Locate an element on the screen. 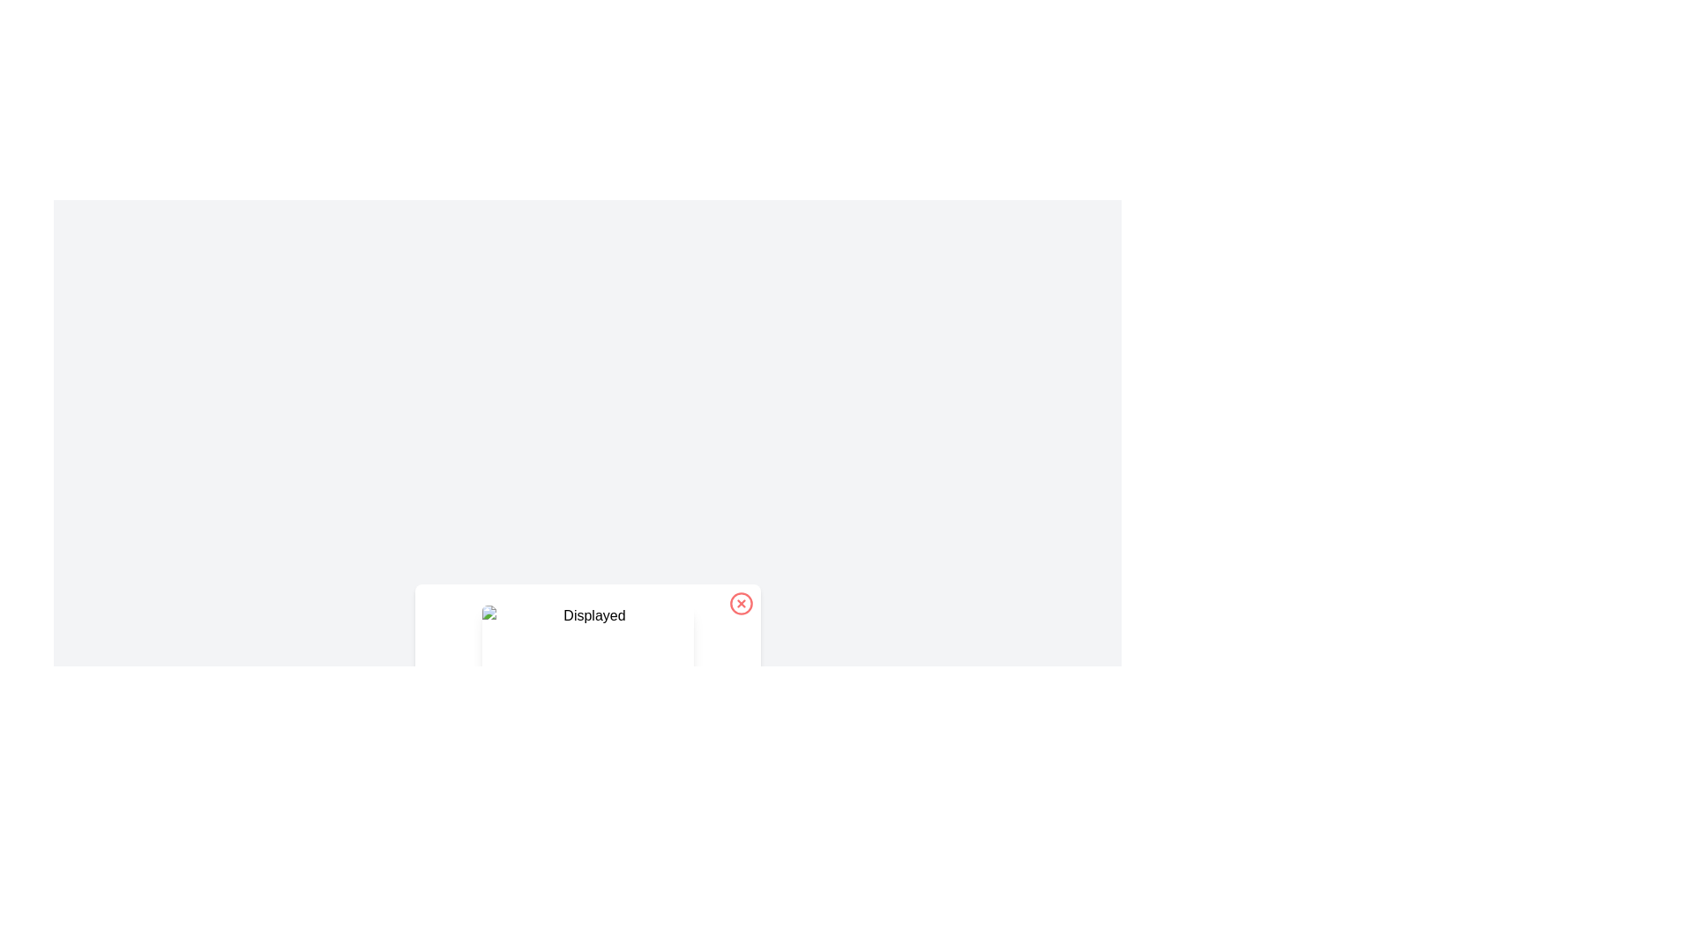  the graphical icon component (circle) which serves as the close button located at the upper-right corner of the dialog interface is located at coordinates (741, 603).